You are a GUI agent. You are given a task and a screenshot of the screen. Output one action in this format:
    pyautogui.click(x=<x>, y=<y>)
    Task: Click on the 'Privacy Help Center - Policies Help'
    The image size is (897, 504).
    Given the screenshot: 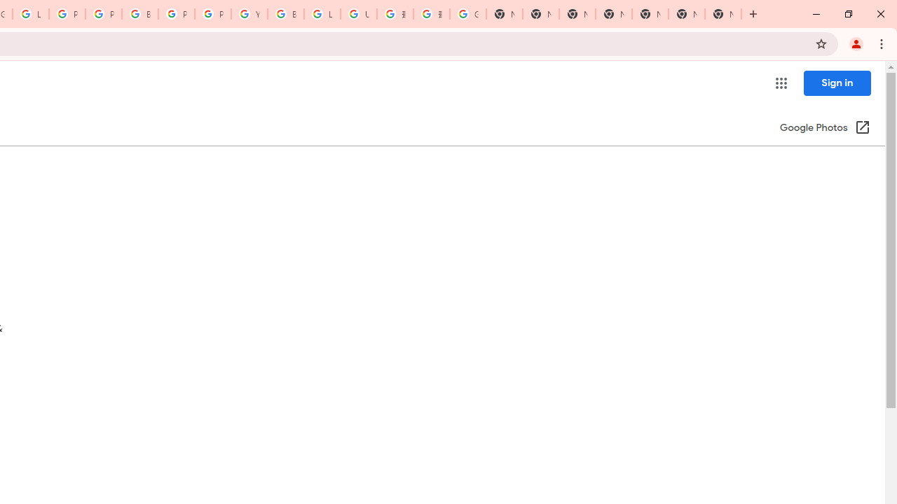 What is the action you would take?
    pyautogui.click(x=102, y=14)
    